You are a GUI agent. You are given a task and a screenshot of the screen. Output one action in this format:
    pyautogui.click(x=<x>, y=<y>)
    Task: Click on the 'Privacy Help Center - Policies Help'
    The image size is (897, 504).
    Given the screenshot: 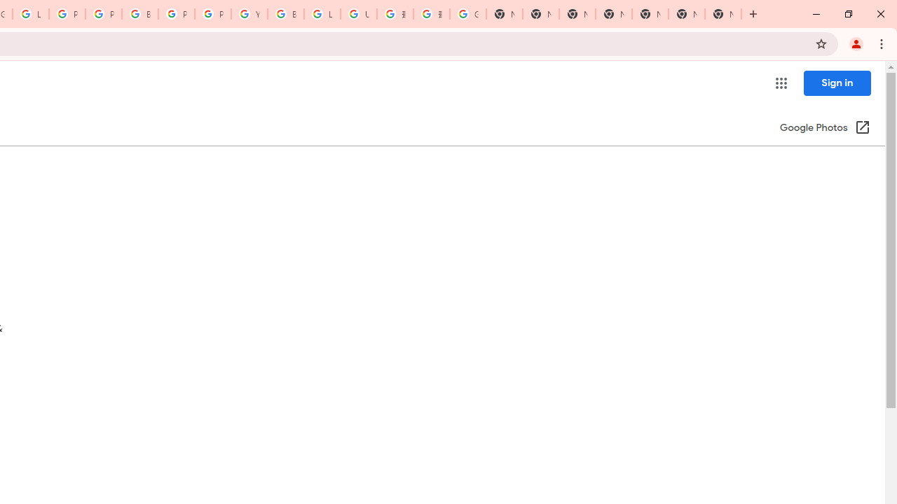 What is the action you would take?
    pyautogui.click(x=102, y=14)
    